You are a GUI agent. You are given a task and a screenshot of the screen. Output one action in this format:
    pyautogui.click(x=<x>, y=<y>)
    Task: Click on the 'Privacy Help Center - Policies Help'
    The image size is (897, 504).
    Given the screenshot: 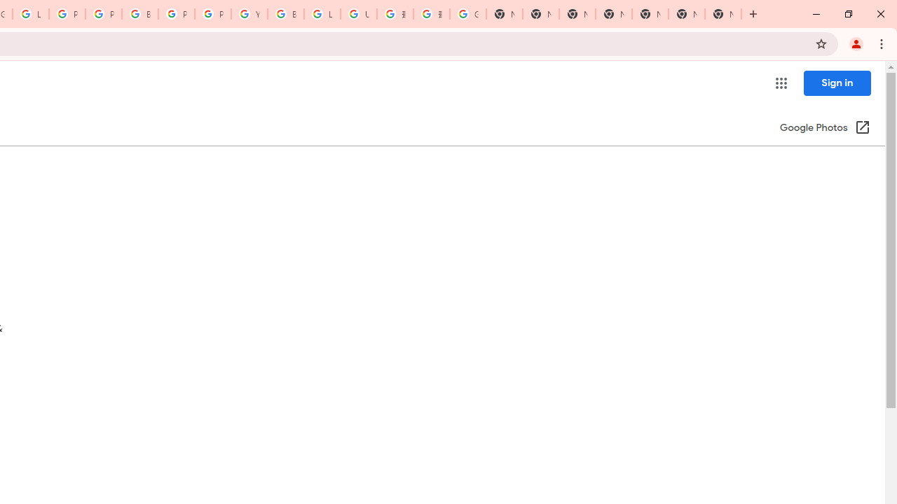 What is the action you would take?
    pyautogui.click(x=102, y=14)
    